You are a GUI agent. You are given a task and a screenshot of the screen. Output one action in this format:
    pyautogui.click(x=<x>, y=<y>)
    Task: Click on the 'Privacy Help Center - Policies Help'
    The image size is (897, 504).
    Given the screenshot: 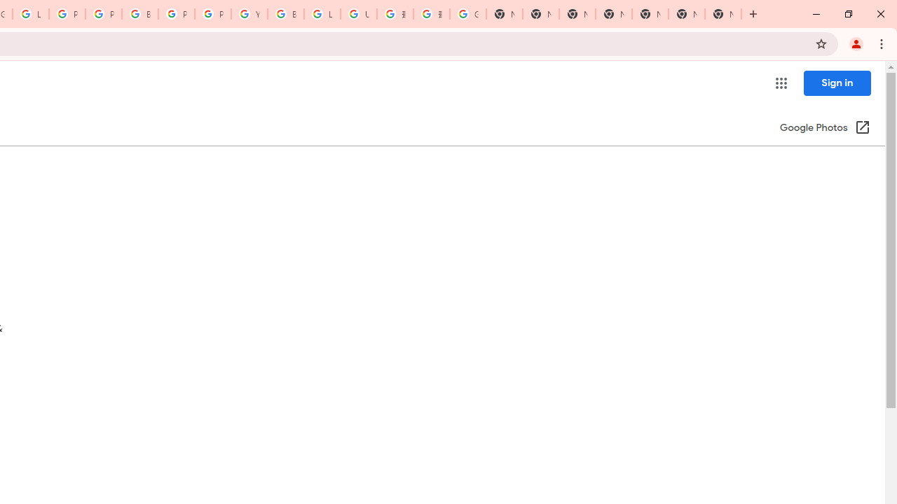 What is the action you would take?
    pyautogui.click(x=102, y=14)
    